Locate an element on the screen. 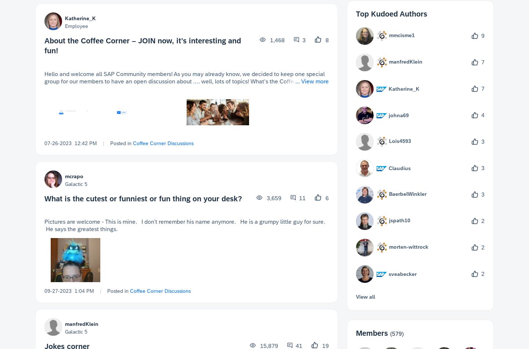 The image size is (529, 349). 'What is the cutest or funniest or fun thing on your desk?' is located at coordinates (44, 198).